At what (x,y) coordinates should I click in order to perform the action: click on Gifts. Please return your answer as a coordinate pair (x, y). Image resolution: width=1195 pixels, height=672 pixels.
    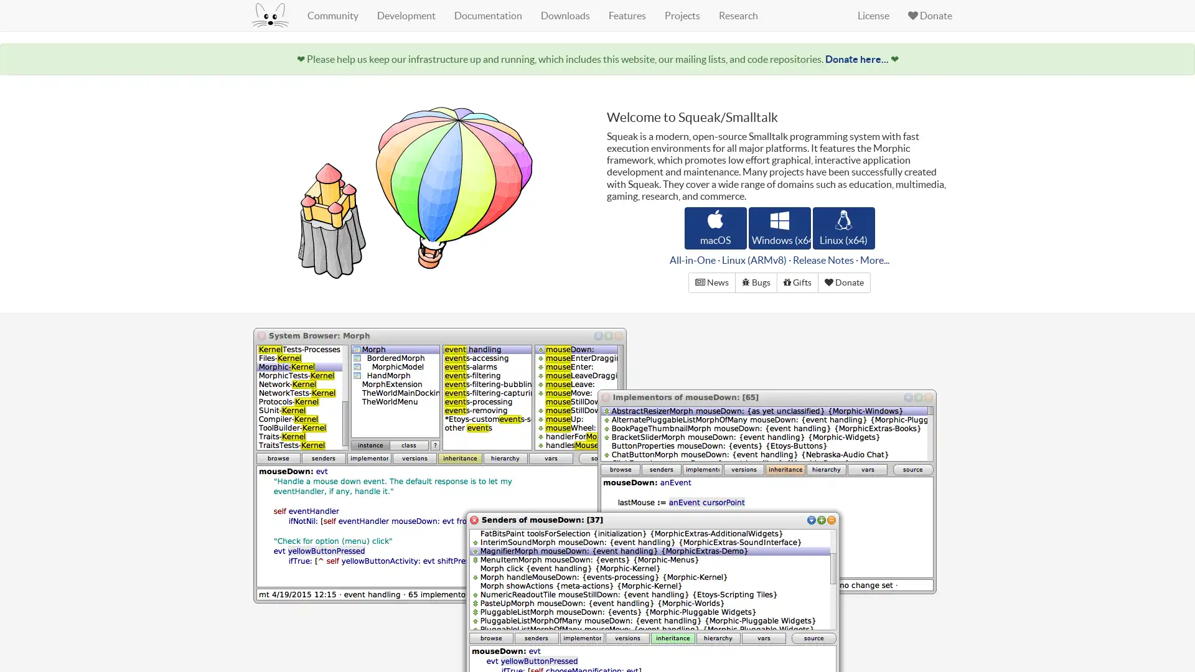
    Looking at the image, I should click on (797, 282).